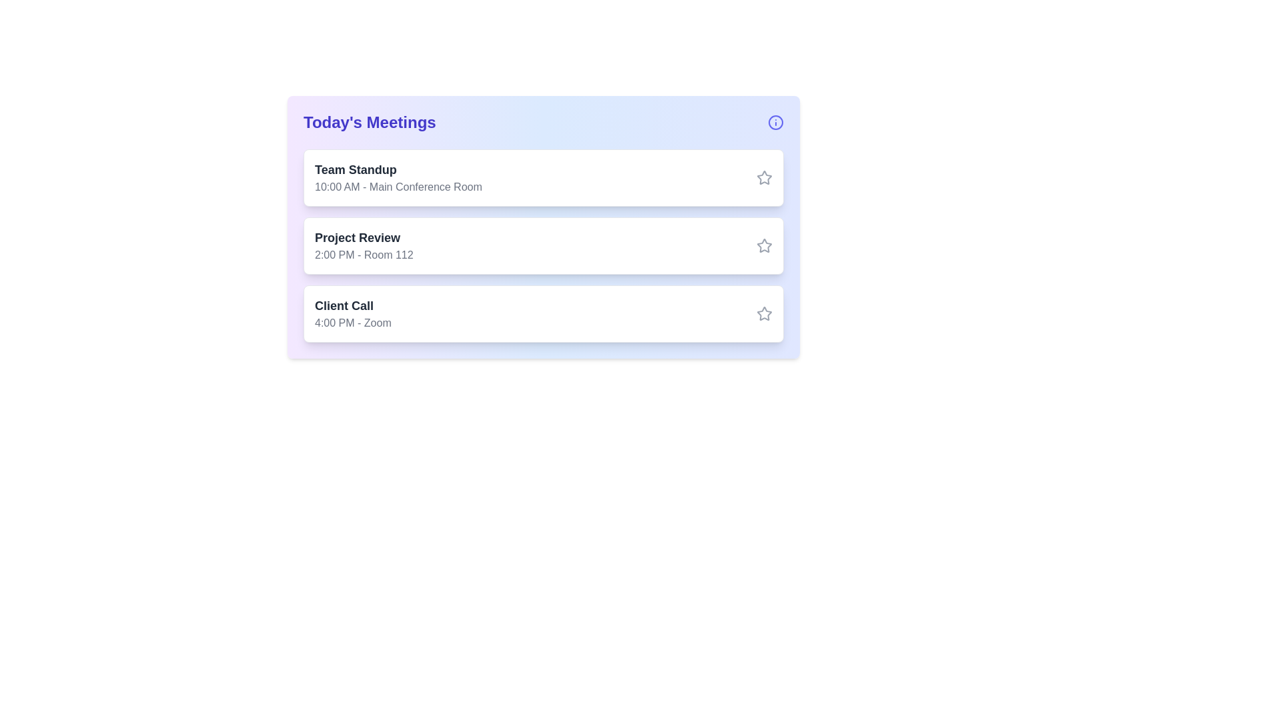 The height and width of the screenshot is (720, 1281). Describe the element at coordinates (765, 246) in the screenshot. I see `the button located at the right end of the 'Project Review' card, next to the text '2:00 PM - Room 112'` at that location.